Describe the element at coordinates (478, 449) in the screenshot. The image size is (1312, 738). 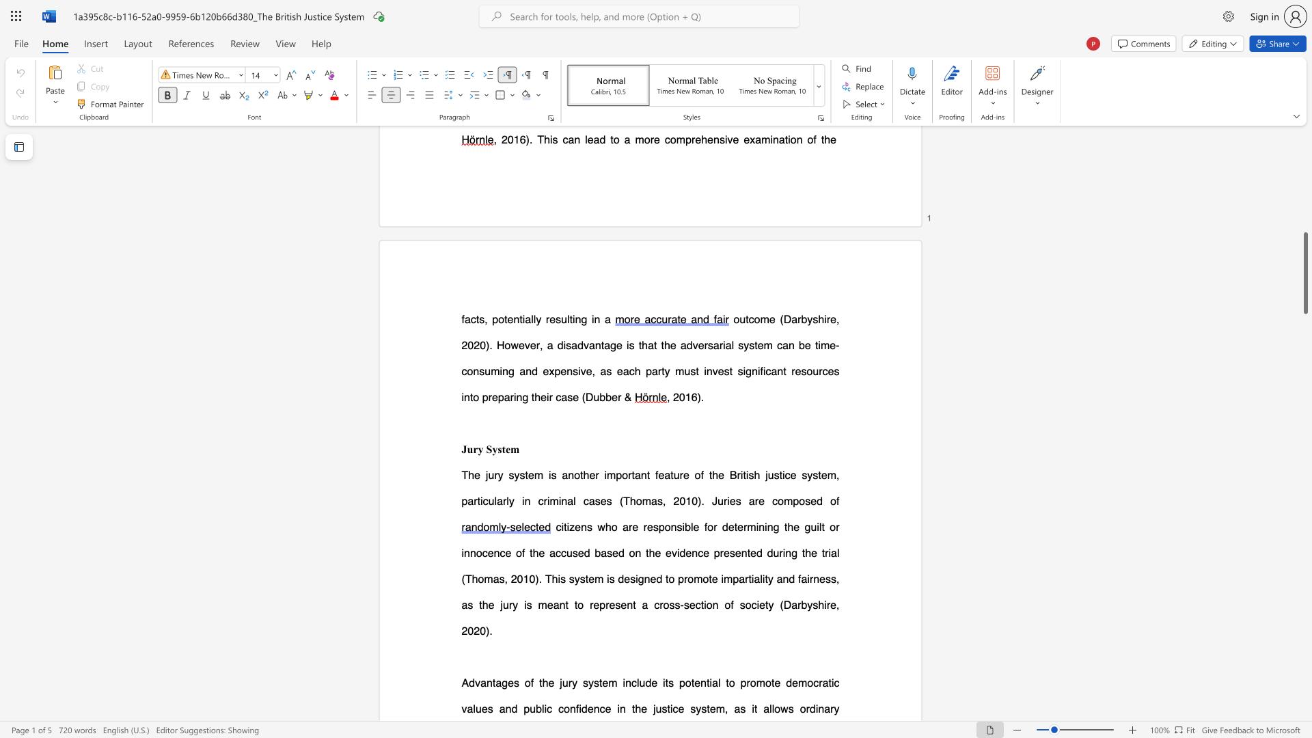
I see `the subset text "y Syste" within the text "Jury System"` at that location.